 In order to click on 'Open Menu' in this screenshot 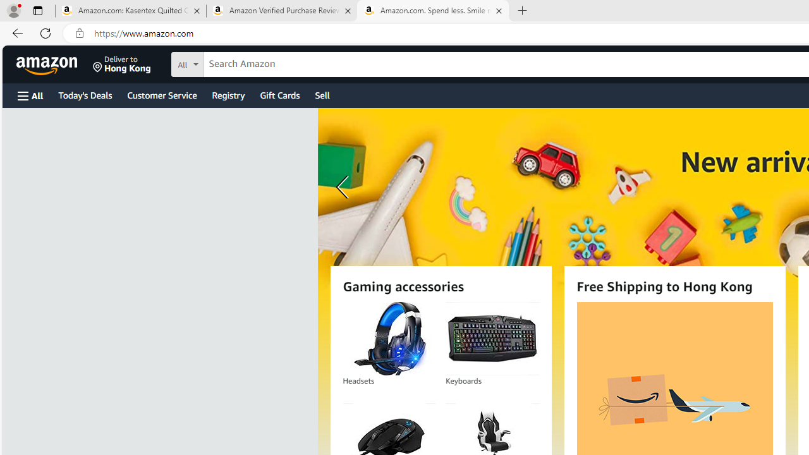, I will do `click(30, 95)`.